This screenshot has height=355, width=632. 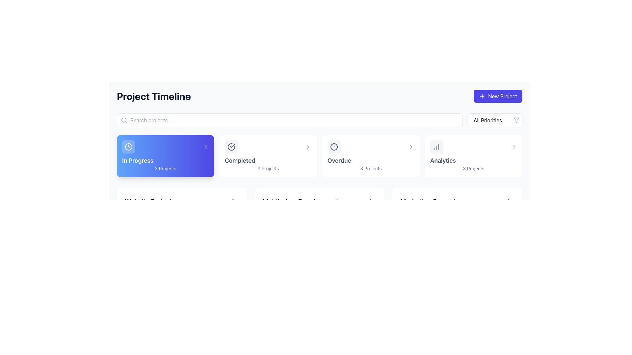 What do you see at coordinates (124, 120) in the screenshot?
I see `the search icon located on the left side of the input field, which triggers the search functionality for projects` at bounding box center [124, 120].